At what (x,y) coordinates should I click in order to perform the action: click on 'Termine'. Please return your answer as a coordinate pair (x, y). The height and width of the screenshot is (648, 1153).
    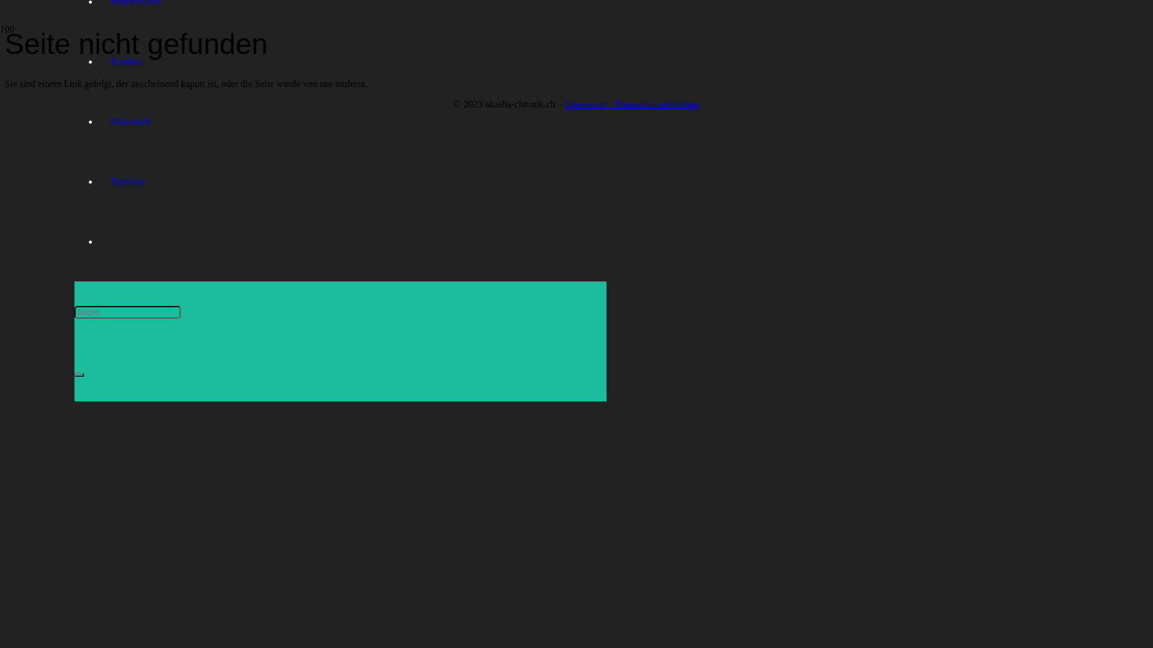
    Looking at the image, I should click on (127, 181).